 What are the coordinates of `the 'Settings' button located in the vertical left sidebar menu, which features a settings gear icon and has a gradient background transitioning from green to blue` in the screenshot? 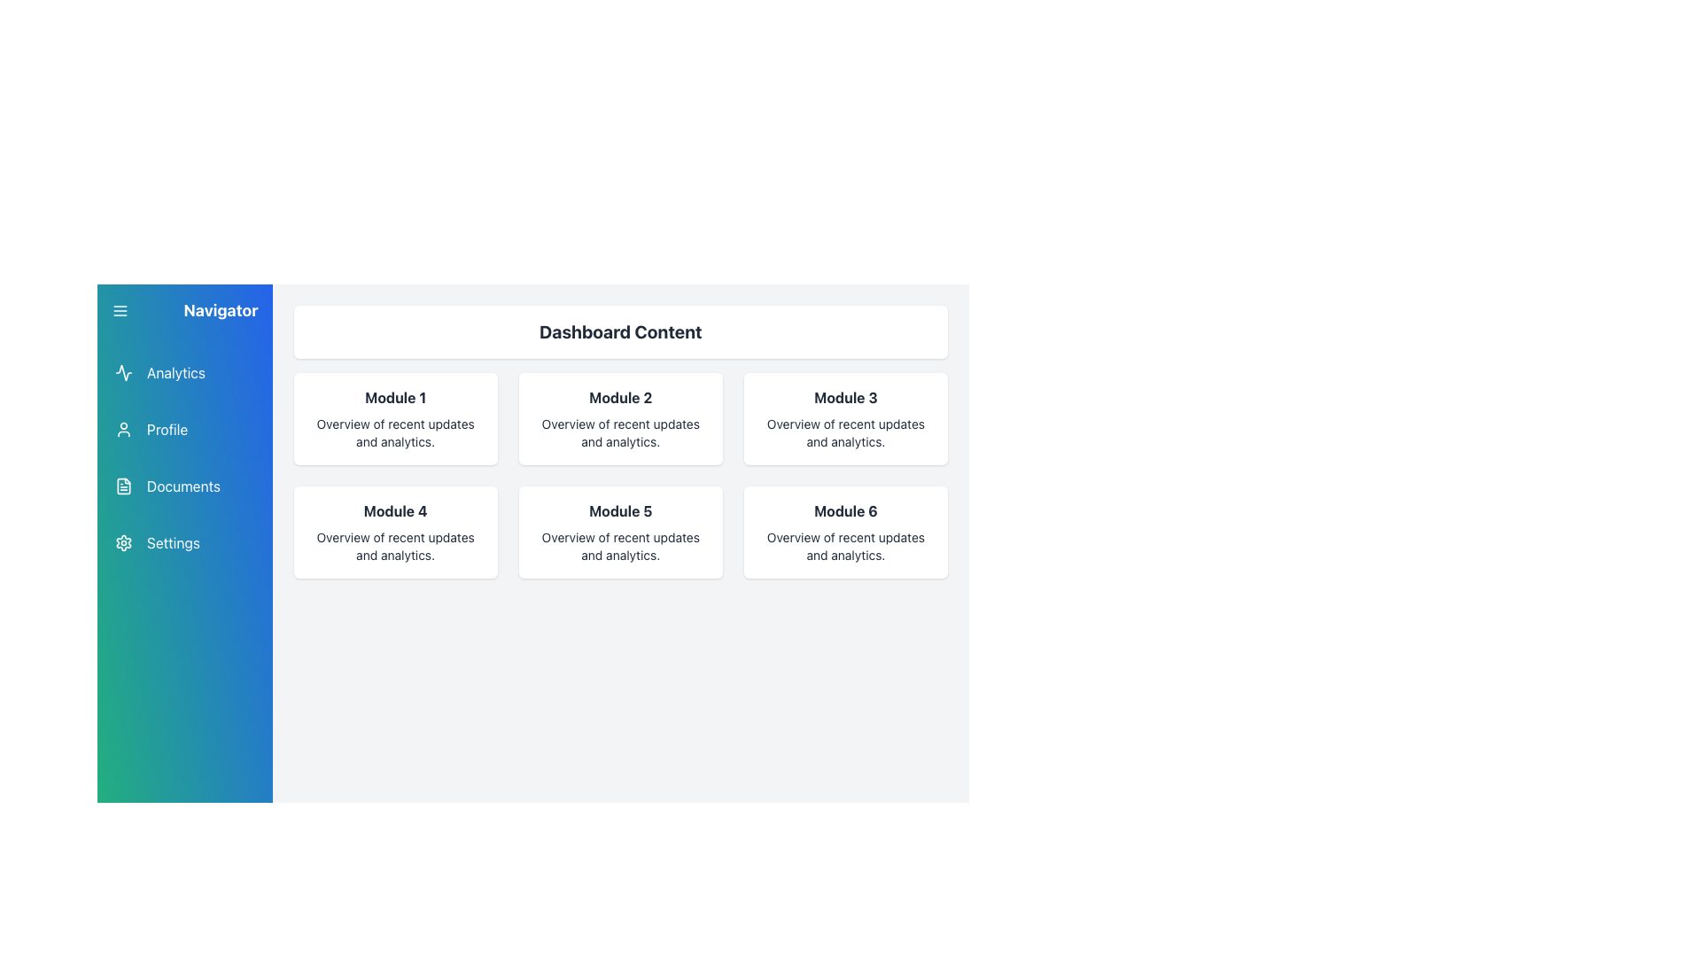 It's located at (184, 542).